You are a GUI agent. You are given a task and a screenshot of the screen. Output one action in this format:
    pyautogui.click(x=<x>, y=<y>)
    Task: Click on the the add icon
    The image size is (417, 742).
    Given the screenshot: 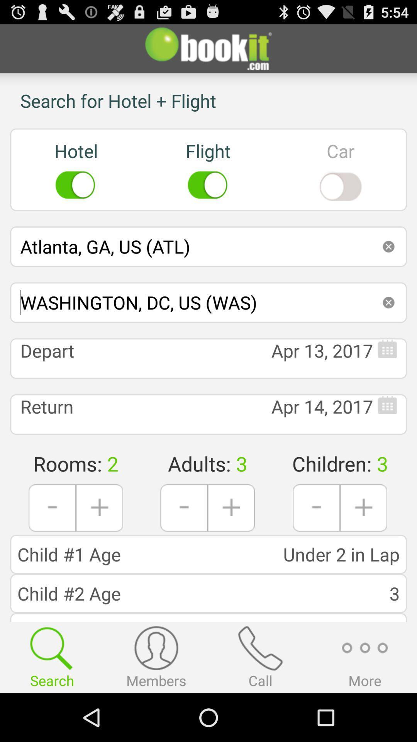 What is the action you would take?
    pyautogui.click(x=99, y=543)
    